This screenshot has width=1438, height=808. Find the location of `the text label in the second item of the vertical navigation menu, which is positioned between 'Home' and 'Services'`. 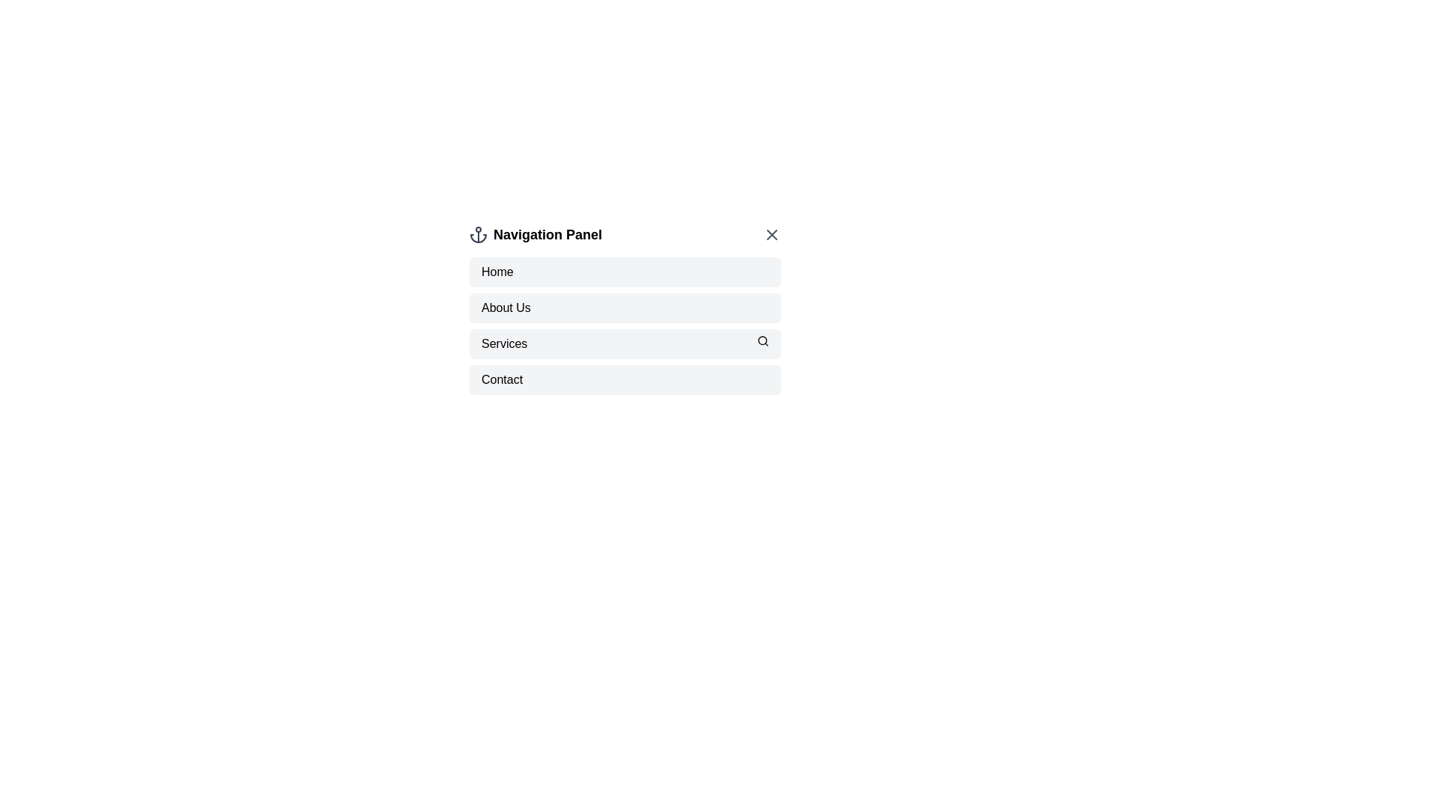

the text label in the second item of the vertical navigation menu, which is positioned between 'Home' and 'Services' is located at coordinates (506, 307).